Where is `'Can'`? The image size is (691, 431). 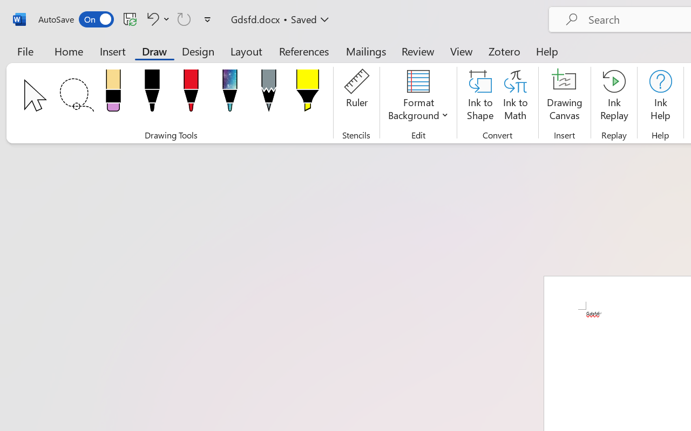 'Can' is located at coordinates (184, 18).